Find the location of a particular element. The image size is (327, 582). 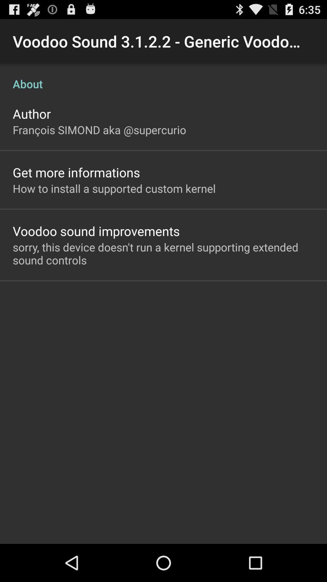

the icon at the center is located at coordinates (163, 253).